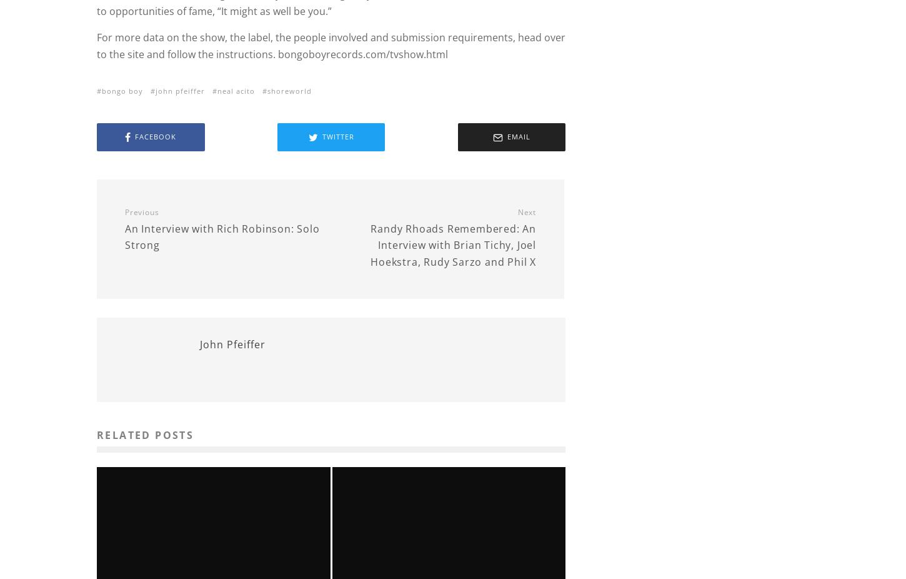 The height and width of the screenshot is (579, 906). What do you see at coordinates (331, 44) in the screenshot?
I see `'For more data on the show, the label, the people involved and submission requirements, head over to the site and follow the instructions. bongoboyrecords.com/tvshow.html'` at bounding box center [331, 44].